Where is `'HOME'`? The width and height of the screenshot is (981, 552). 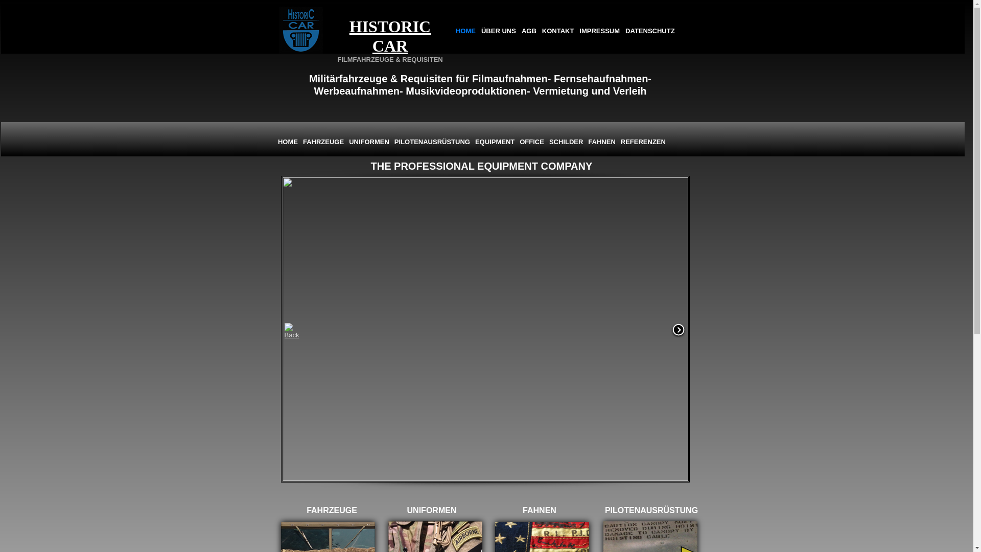
'HOME' is located at coordinates (465, 31).